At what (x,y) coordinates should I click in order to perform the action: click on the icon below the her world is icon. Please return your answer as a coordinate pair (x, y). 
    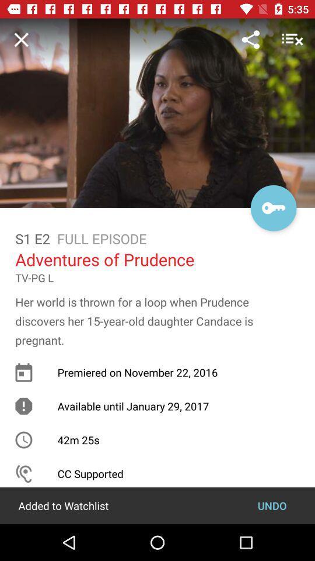
    Looking at the image, I should click on (272, 505).